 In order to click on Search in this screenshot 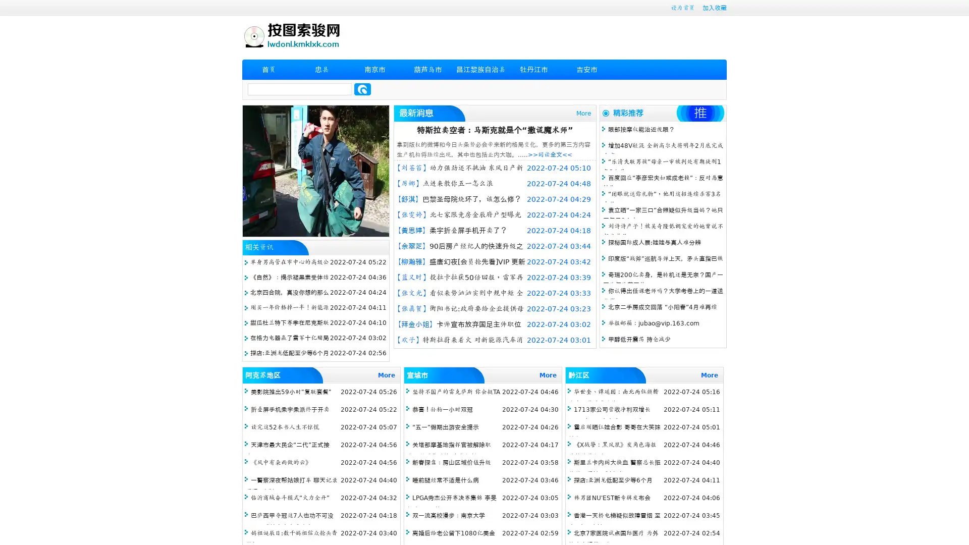, I will do `click(362, 89)`.